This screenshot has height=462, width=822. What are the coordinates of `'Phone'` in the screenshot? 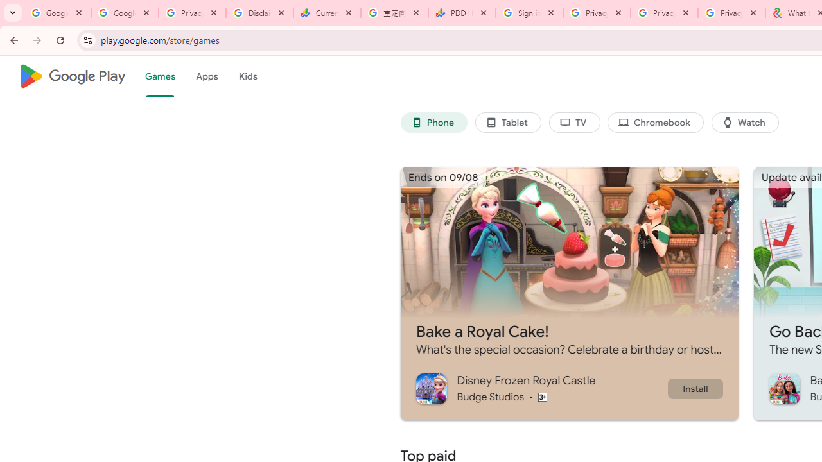 It's located at (433, 123).